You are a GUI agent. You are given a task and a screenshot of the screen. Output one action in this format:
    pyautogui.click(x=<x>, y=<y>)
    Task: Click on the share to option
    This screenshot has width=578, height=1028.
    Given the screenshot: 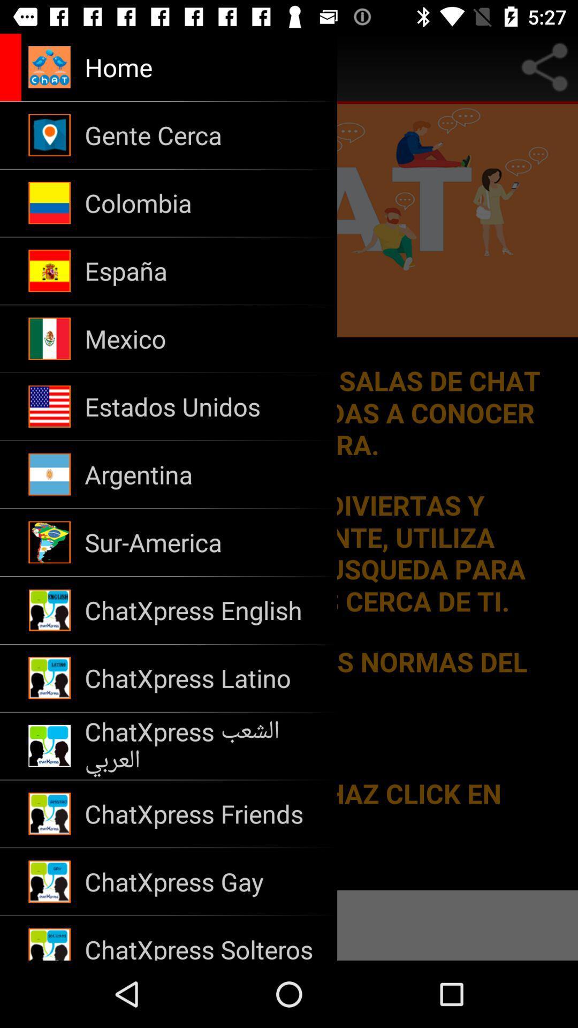 What is the action you would take?
    pyautogui.click(x=544, y=66)
    